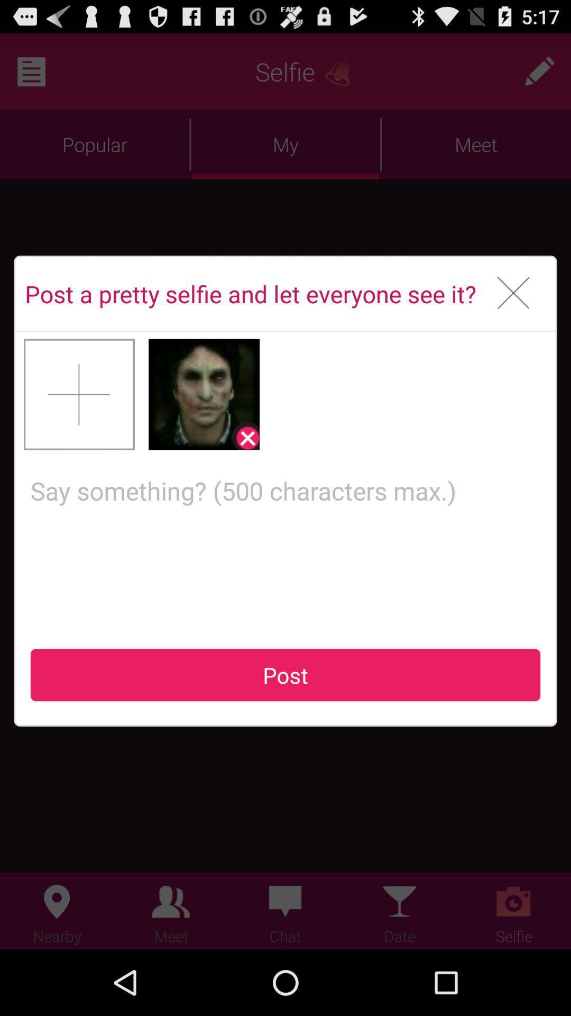 Image resolution: width=571 pixels, height=1016 pixels. I want to click on the add icon, so click(79, 421).